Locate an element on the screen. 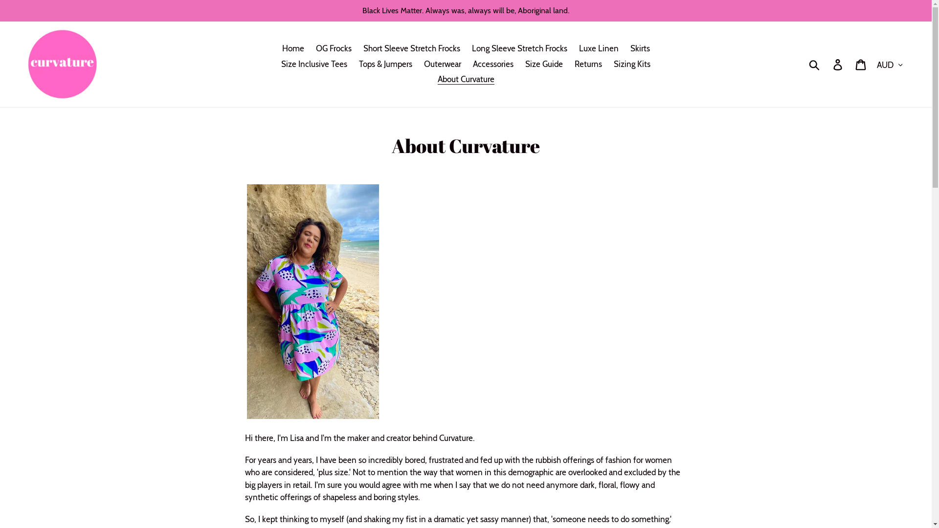 Image resolution: width=939 pixels, height=528 pixels. 'Log in' is located at coordinates (838, 64).